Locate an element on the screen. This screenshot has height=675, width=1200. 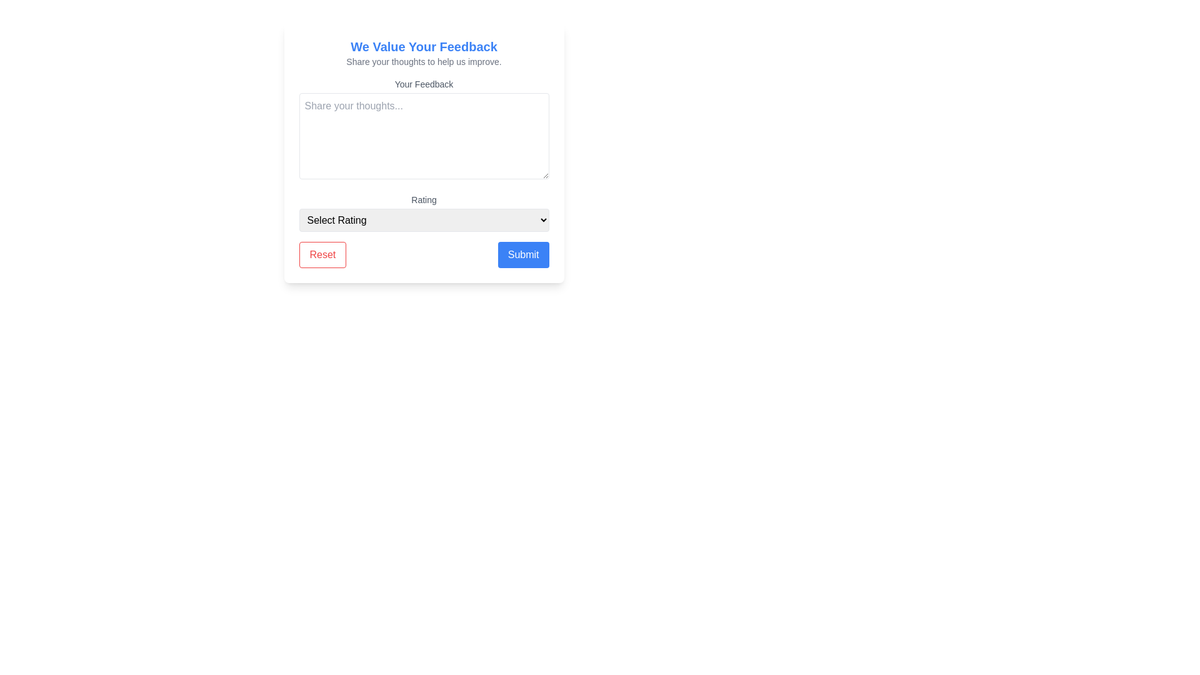
the static text that reads 'Share your thoughts to help us improve.' positioned beneath the heading 'We Value Your Feedback.' is located at coordinates (424, 62).